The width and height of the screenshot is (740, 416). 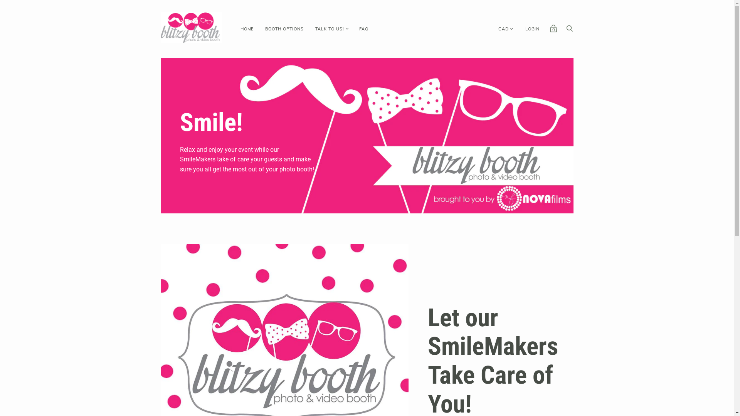 I want to click on 'LOGIN', so click(x=532, y=29).